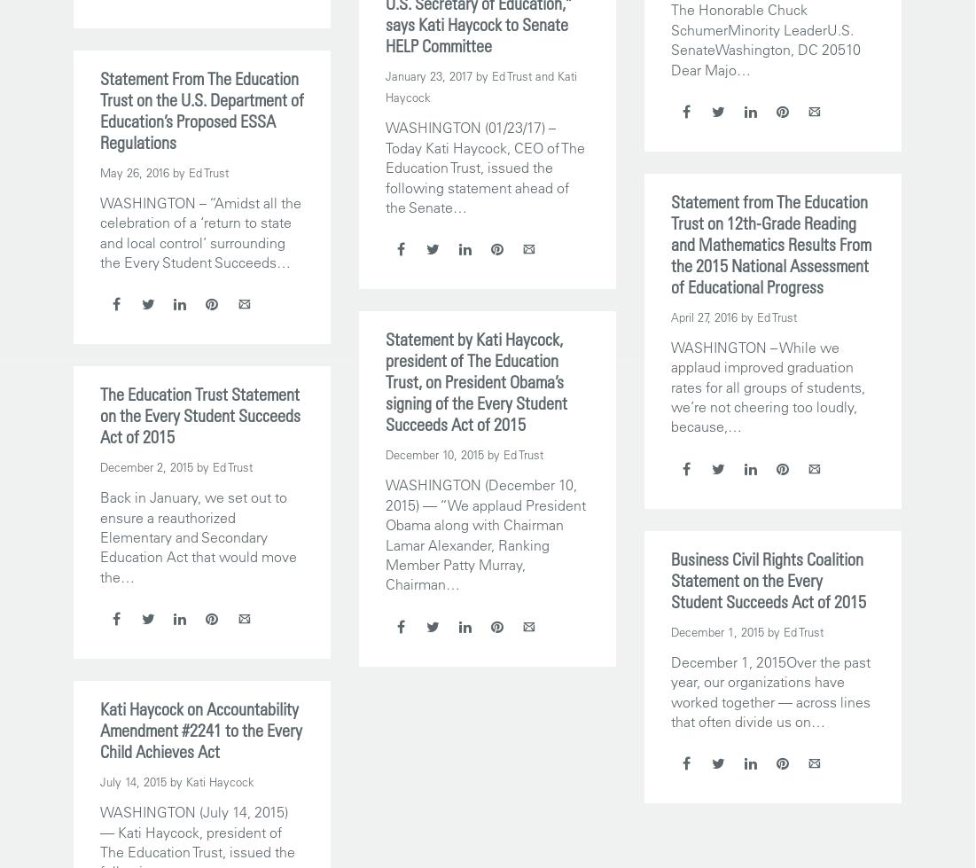 This screenshot has height=868, width=976. What do you see at coordinates (199, 536) in the screenshot?
I see `'Back in January, we set out to ensure a reauthorized Elementary and Secondary Education Act that would move the…'` at bounding box center [199, 536].